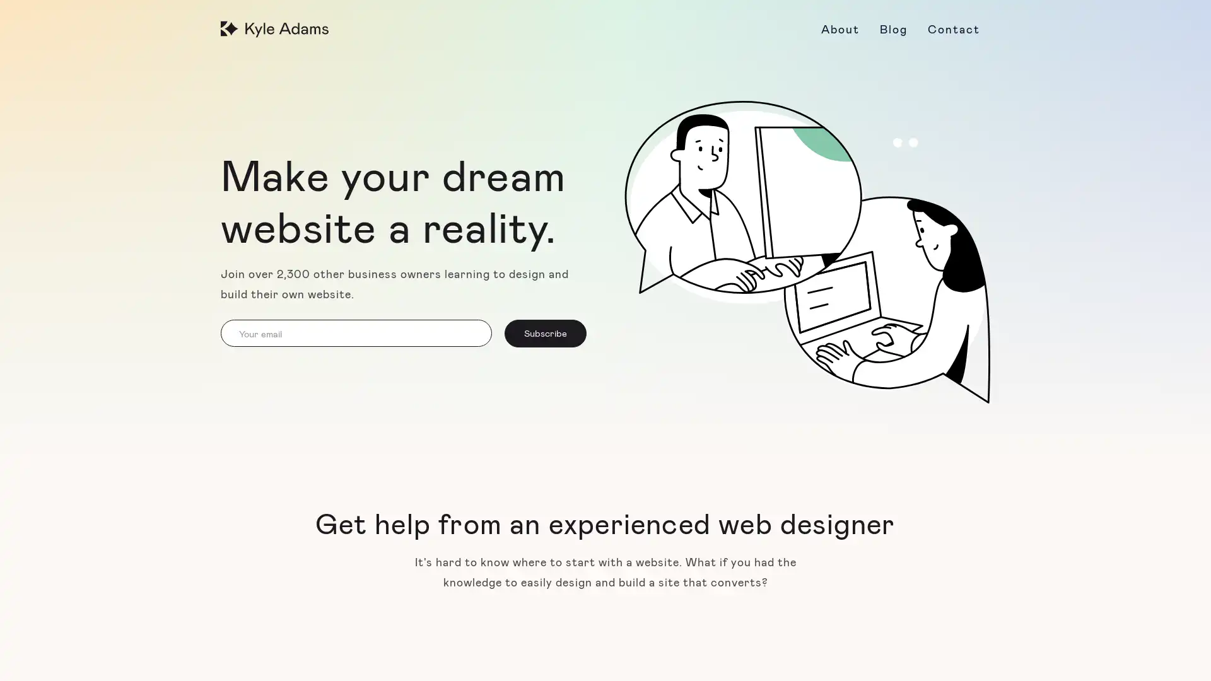  I want to click on Subscribe, so click(545, 332).